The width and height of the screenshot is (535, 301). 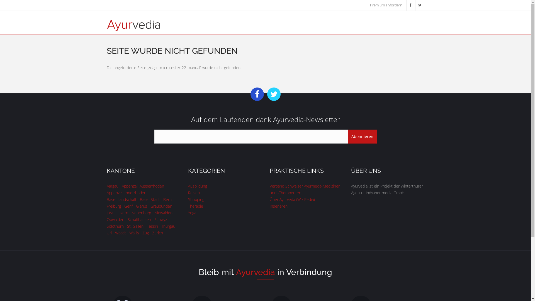 What do you see at coordinates (121, 199) in the screenshot?
I see `'Basel-Landschaft'` at bounding box center [121, 199].